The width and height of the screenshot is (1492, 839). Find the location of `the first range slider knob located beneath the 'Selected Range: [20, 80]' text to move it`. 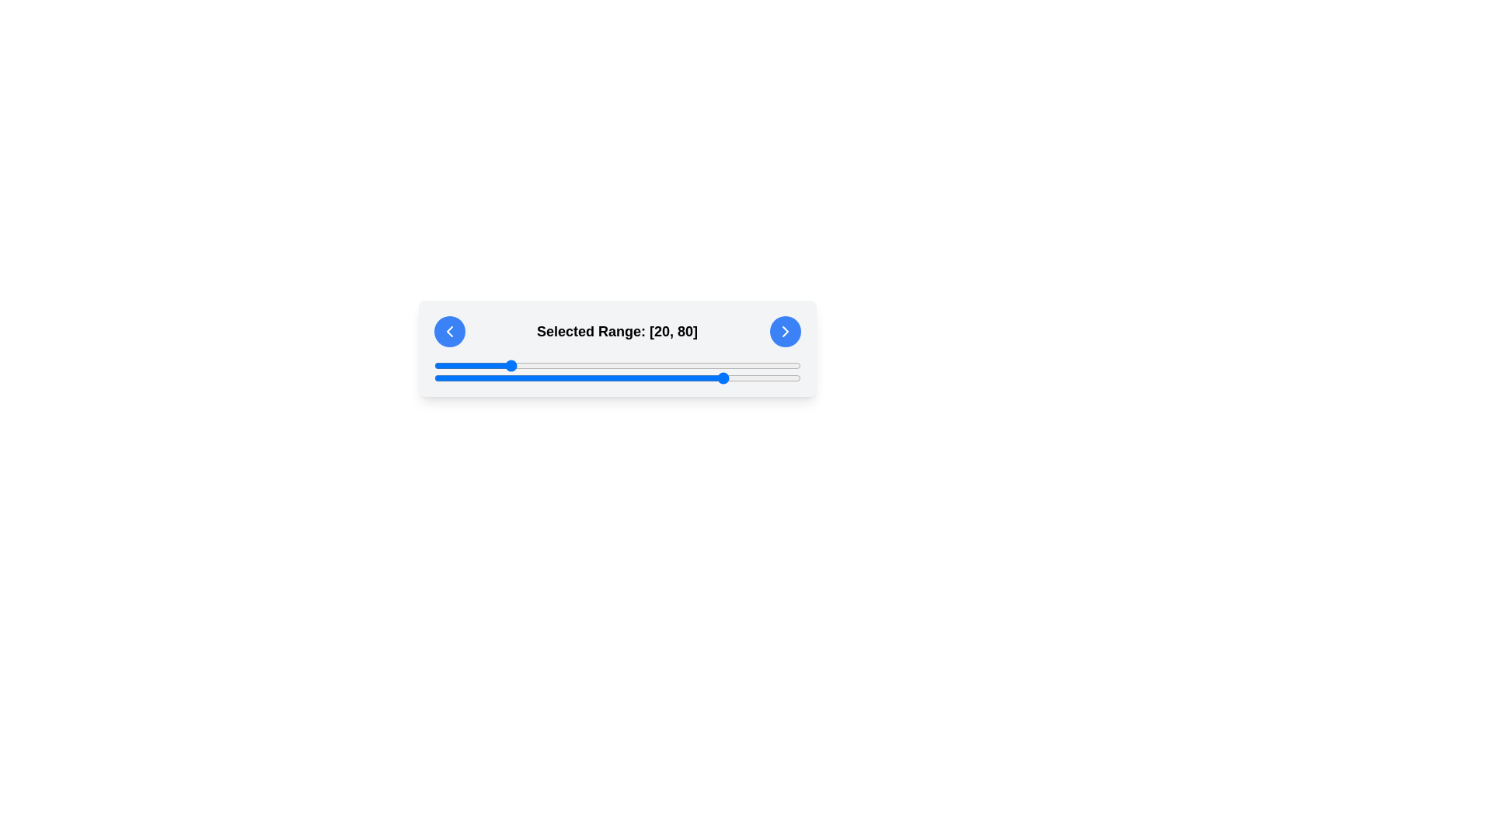

the first range slider knob located beneath the 'Selected Range: [20, 80]' text to move it is located at coordinates (616, 365).